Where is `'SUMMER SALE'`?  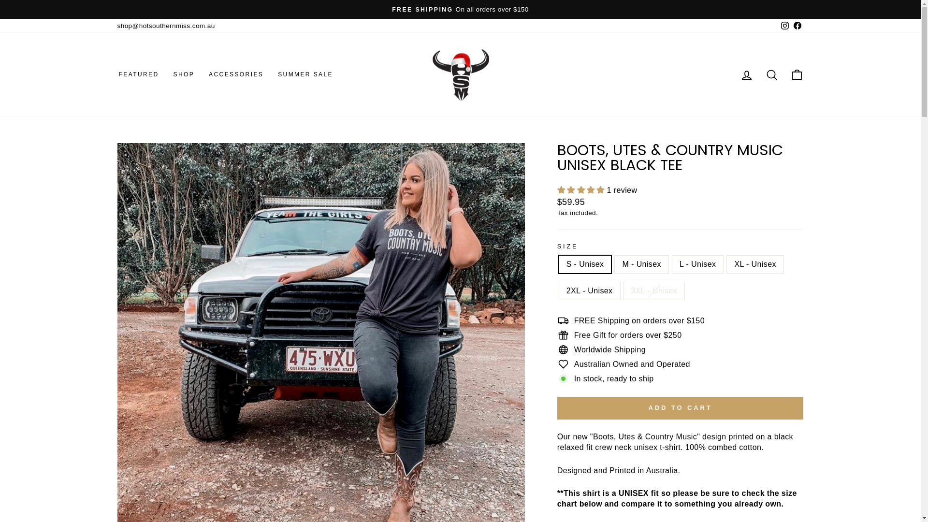 'SUMMER SALE' is located at coordinates (305, 74).